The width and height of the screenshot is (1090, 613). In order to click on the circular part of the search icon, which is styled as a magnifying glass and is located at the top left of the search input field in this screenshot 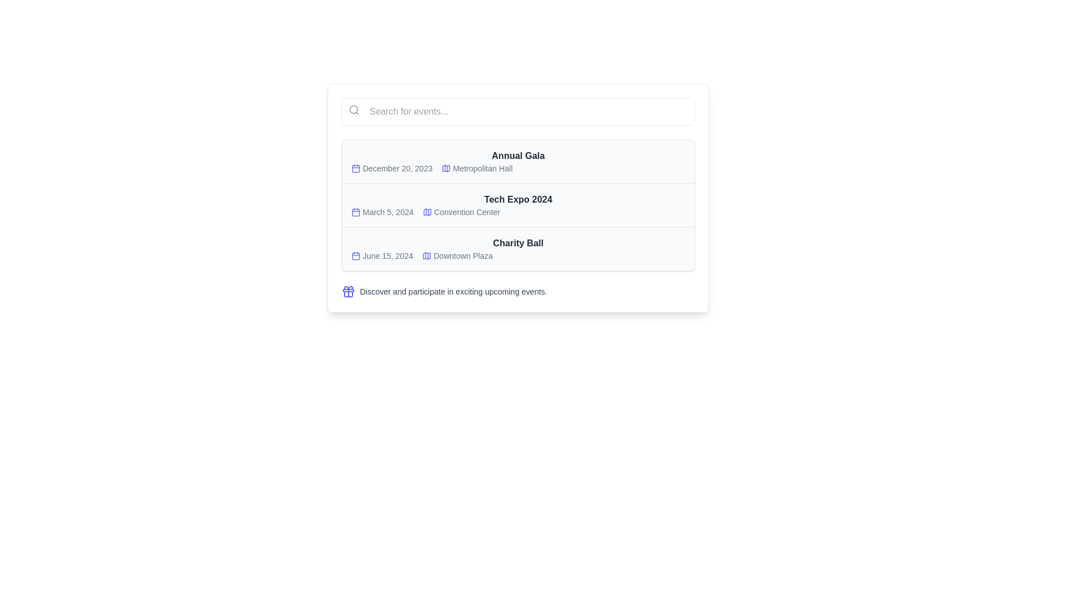, I will do `click(353, 110)`.